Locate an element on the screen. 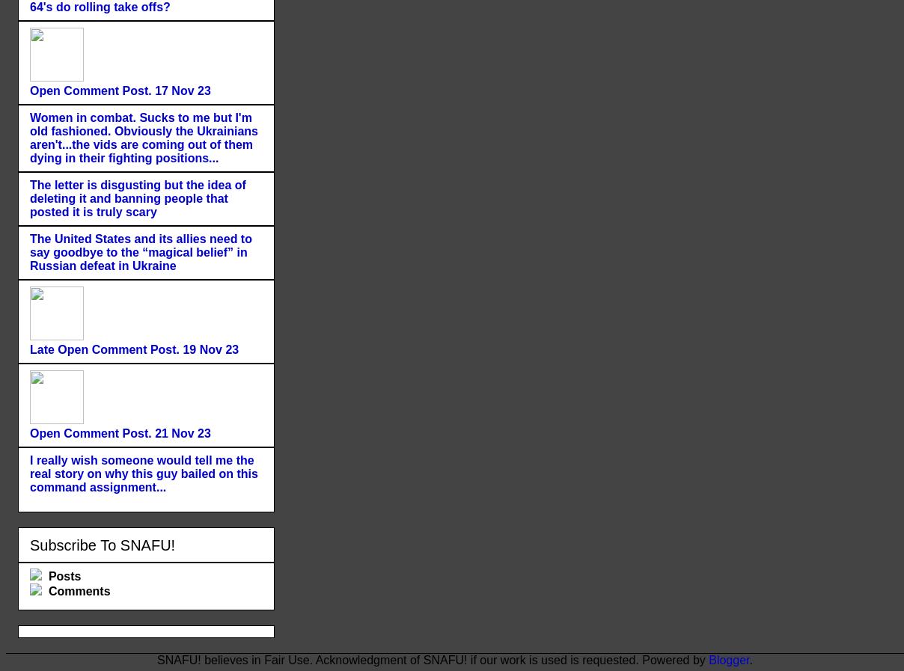  'Open Comment Post.  17 Nov 23' is located at coordinates (120, 89).